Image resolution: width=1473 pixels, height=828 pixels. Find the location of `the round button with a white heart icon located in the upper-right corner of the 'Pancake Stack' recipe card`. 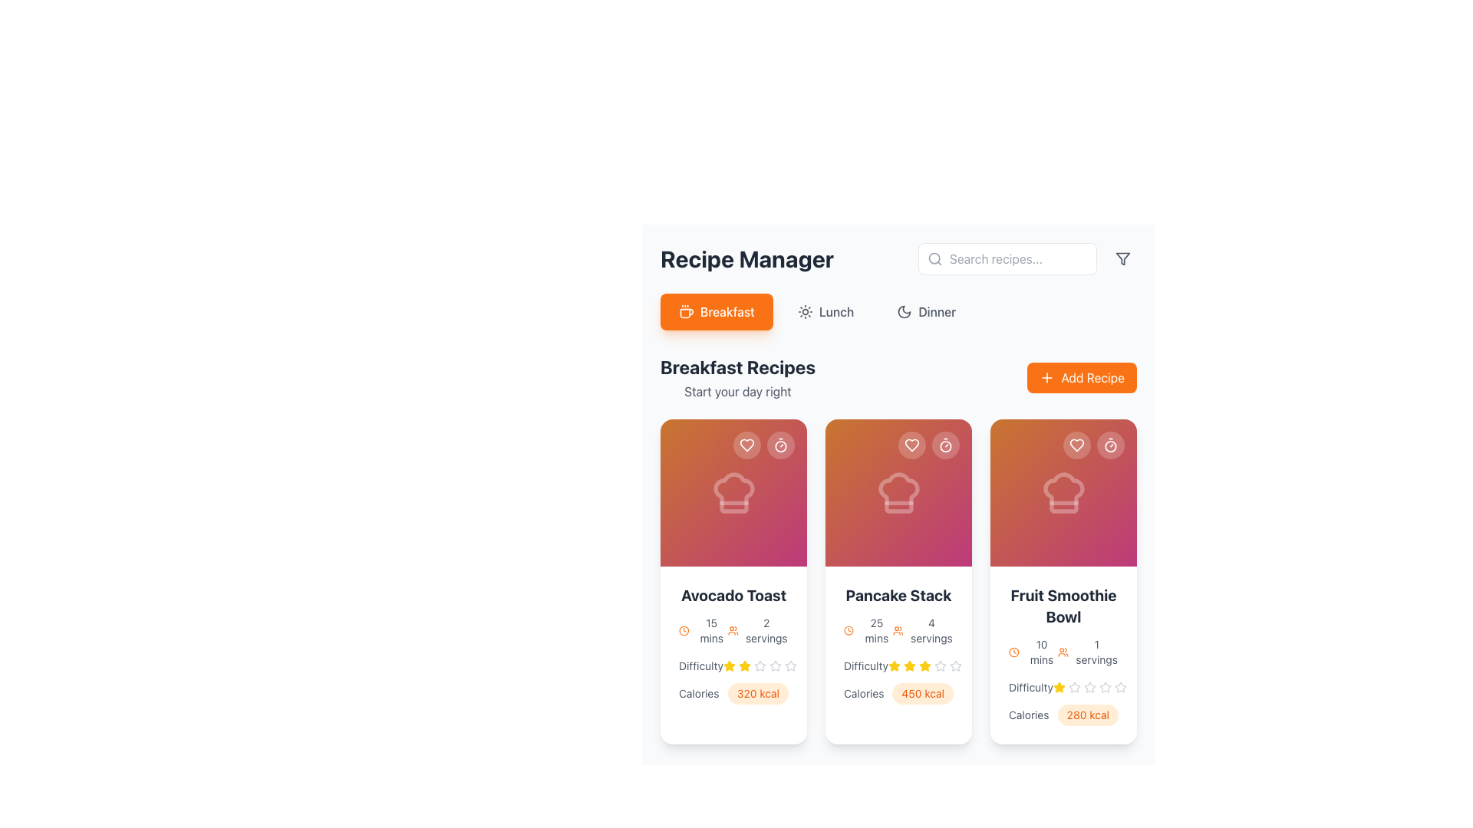

the round button with a white heart icon located in the upper-right corner of the 'Pancake Stack' recipe card is located at coordinates (912, 445).